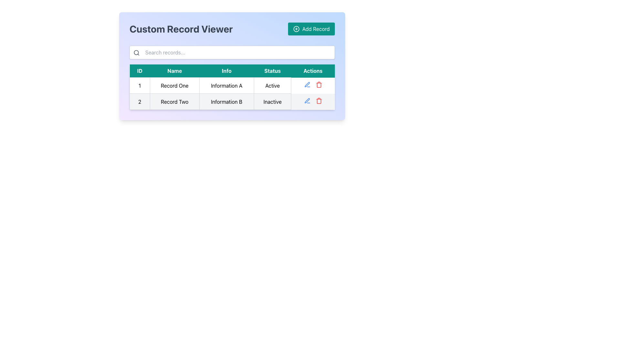  What do you see at coordinates (311, 28) in the screenshot?
I see `the 'Add Record' button located on the right edge of the top bar, adjacent to the title 'Custom Record Viewer', to initiate the process of adding a new record` at bounding box center [311, 28].